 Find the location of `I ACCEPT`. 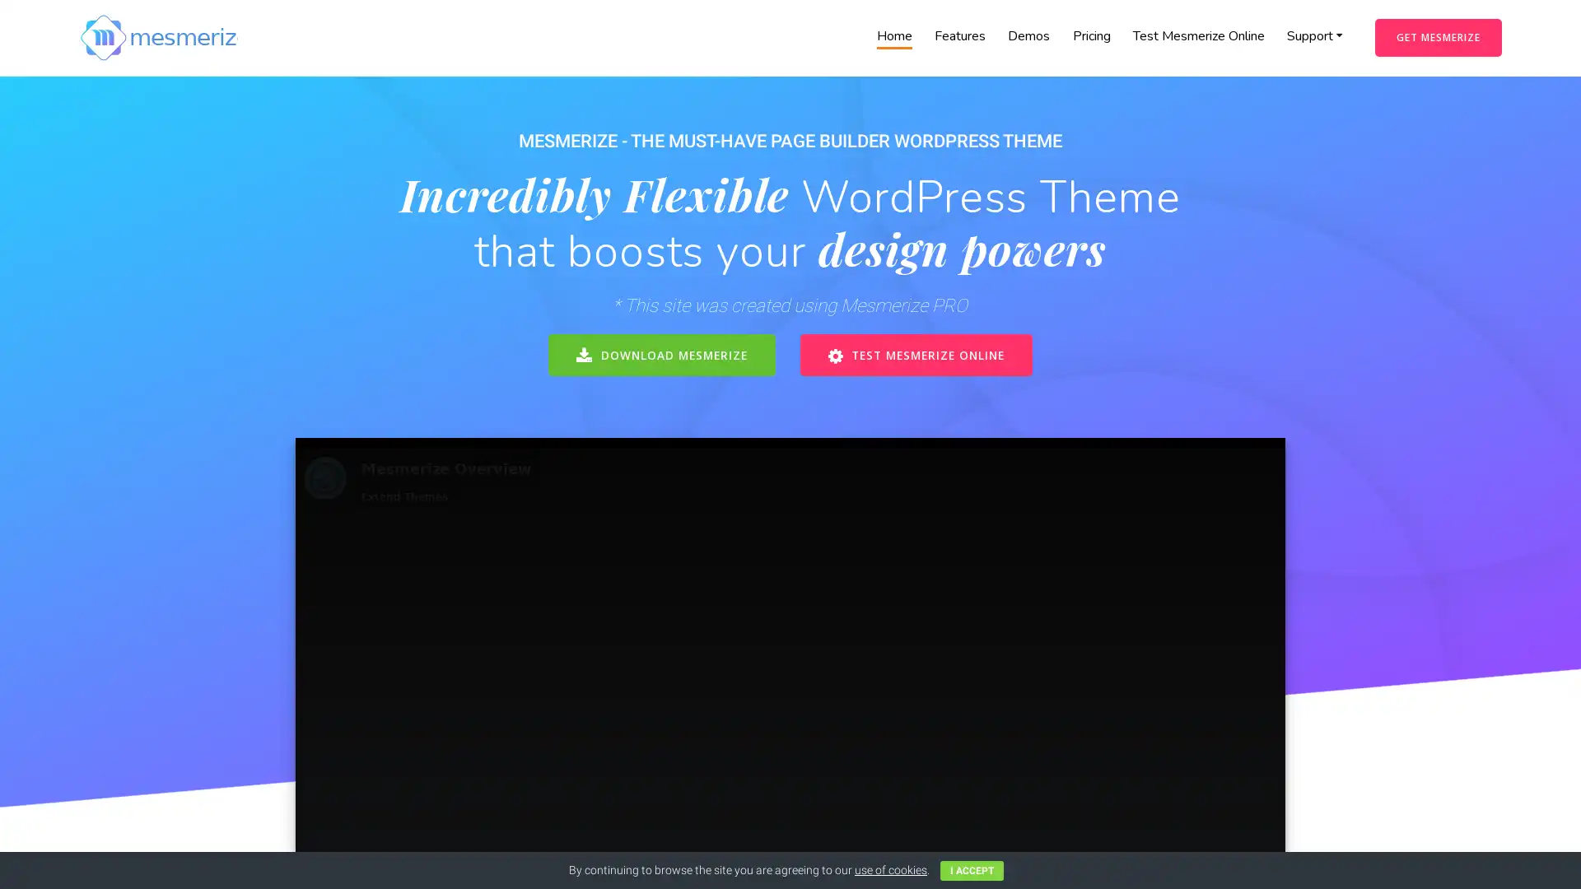

I ACCEPT is located at coordinates (972, 869).